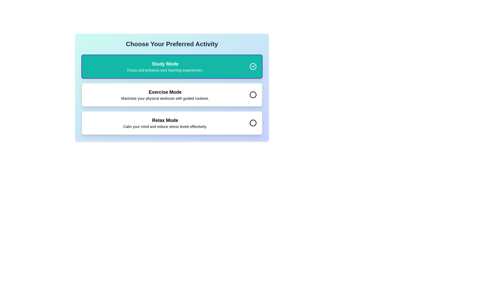 This screenshot has height=282, width=501. Describe the element at coordinates (165, 95) in the screenshot. I see `the 'Exercise Mode' text display, which is the second option in a vertical stack of three modes, providing information about guided physical workouts` at that location.